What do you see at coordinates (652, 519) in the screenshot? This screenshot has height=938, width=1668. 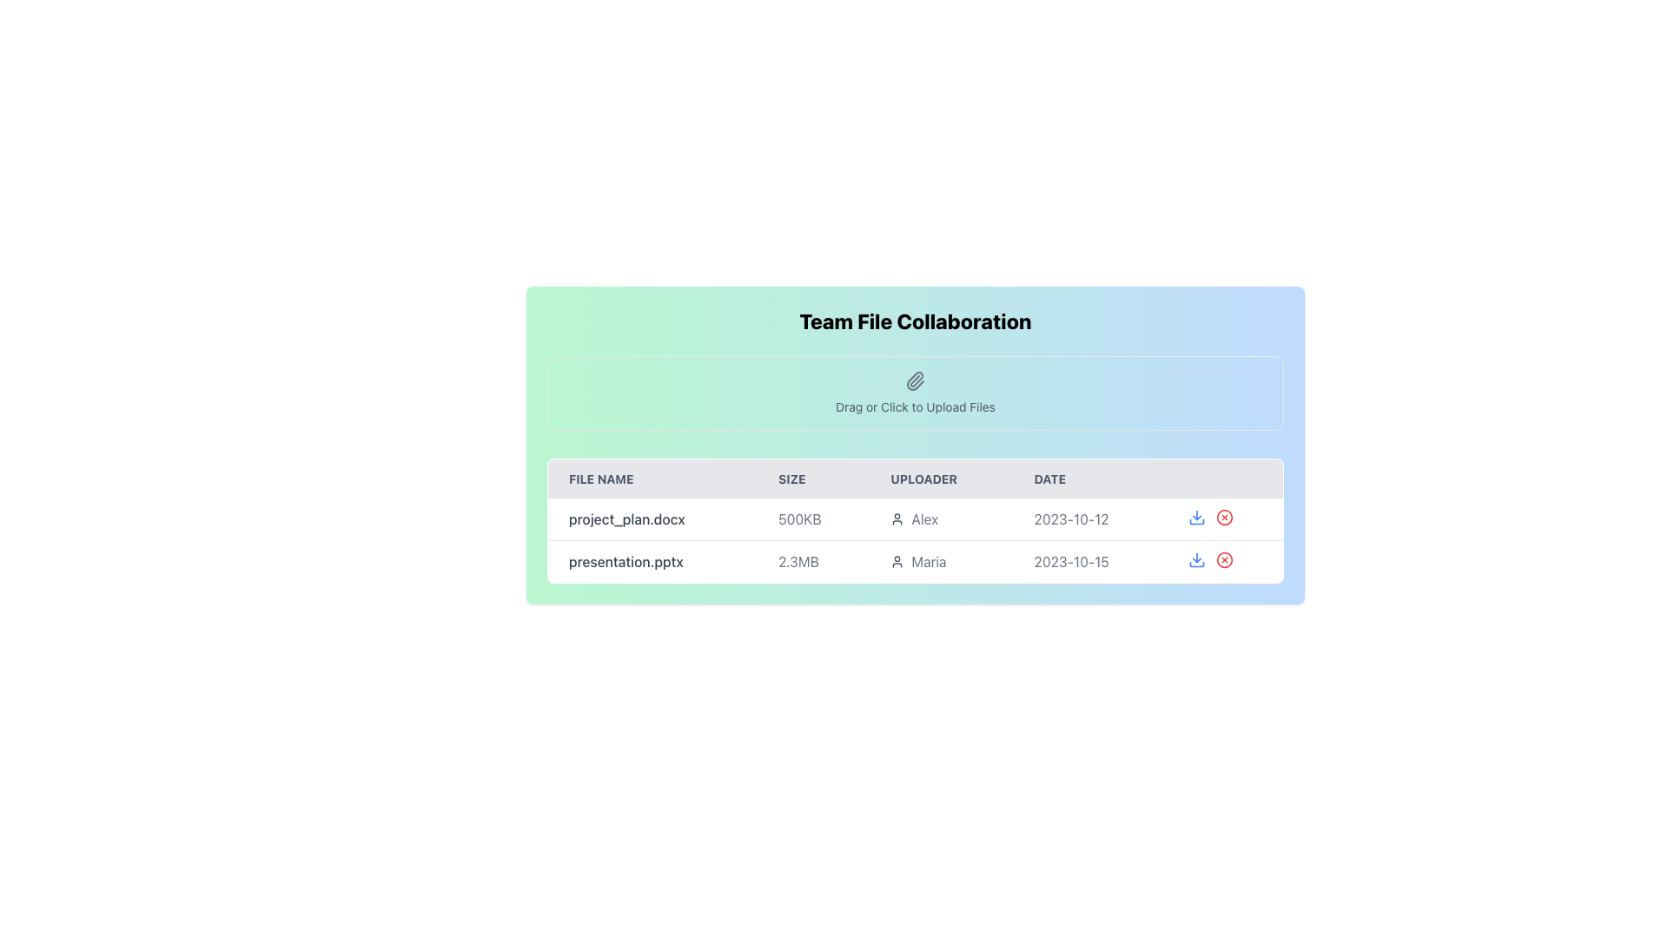 I see `the text label representing the name of a file in the first row of the files table under the 'FILE NAME' column` at bounding box center [652, 519].